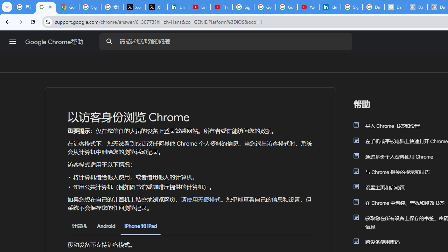 The height and width of the screenshot is (252, 448). I want to click on 'Sign in - Google Accounts', so click(90, 7).